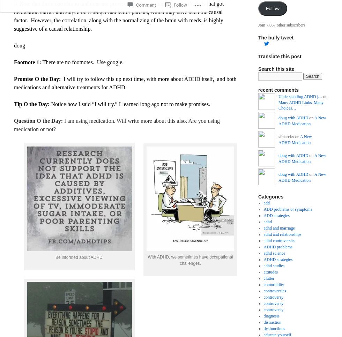 The width and height of the screenshot is (342, 337). What do you see at coordinates (79, 257) in the screenshot?
I see `'Be informed about ADHD.'` at bounding box center [79, 257].